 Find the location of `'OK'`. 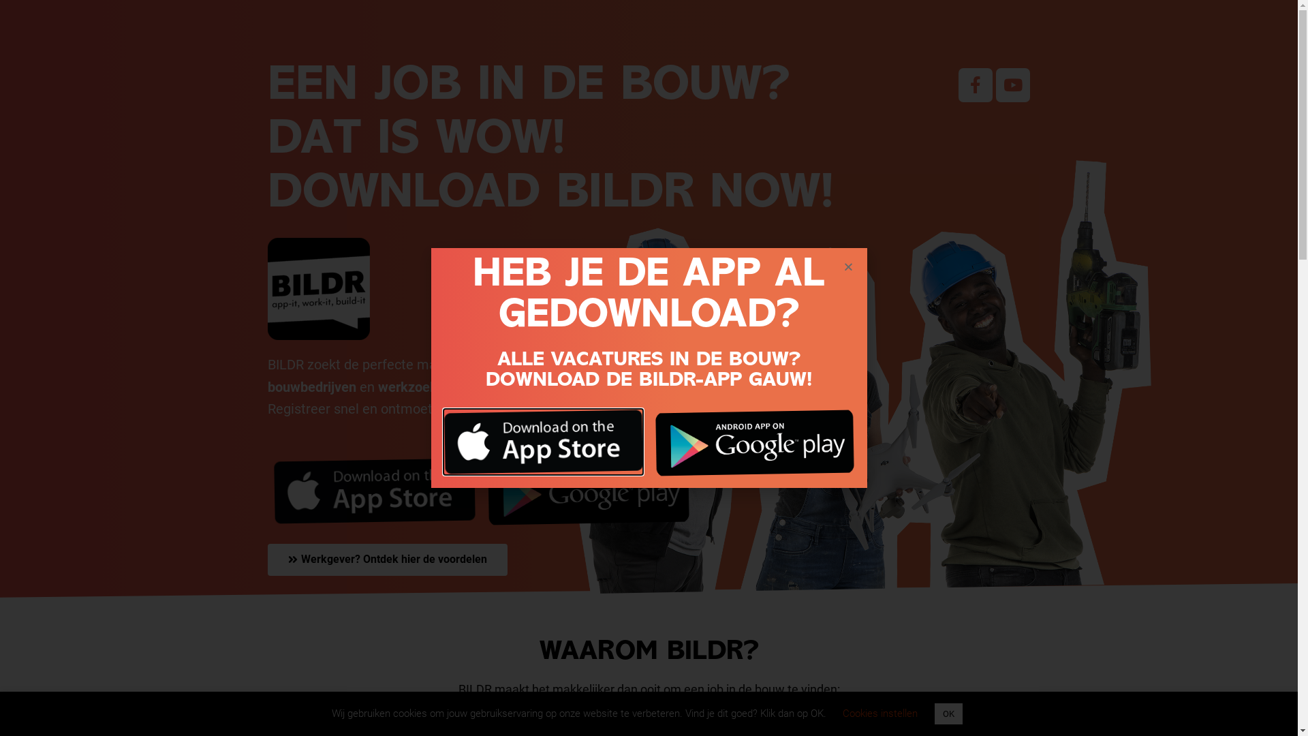

'OK' is located at coordinates (948, 713).